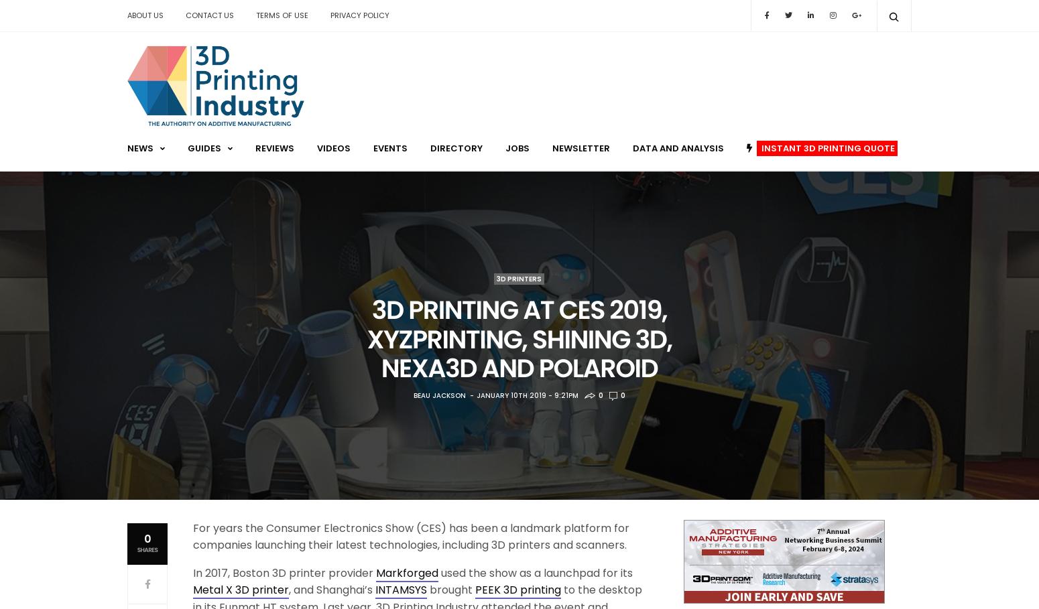 Image resolution: width=1039 pixels, height=609 pixels. I want to click on 'In 2017, Boston 3D printer provider', so click(192, 571).